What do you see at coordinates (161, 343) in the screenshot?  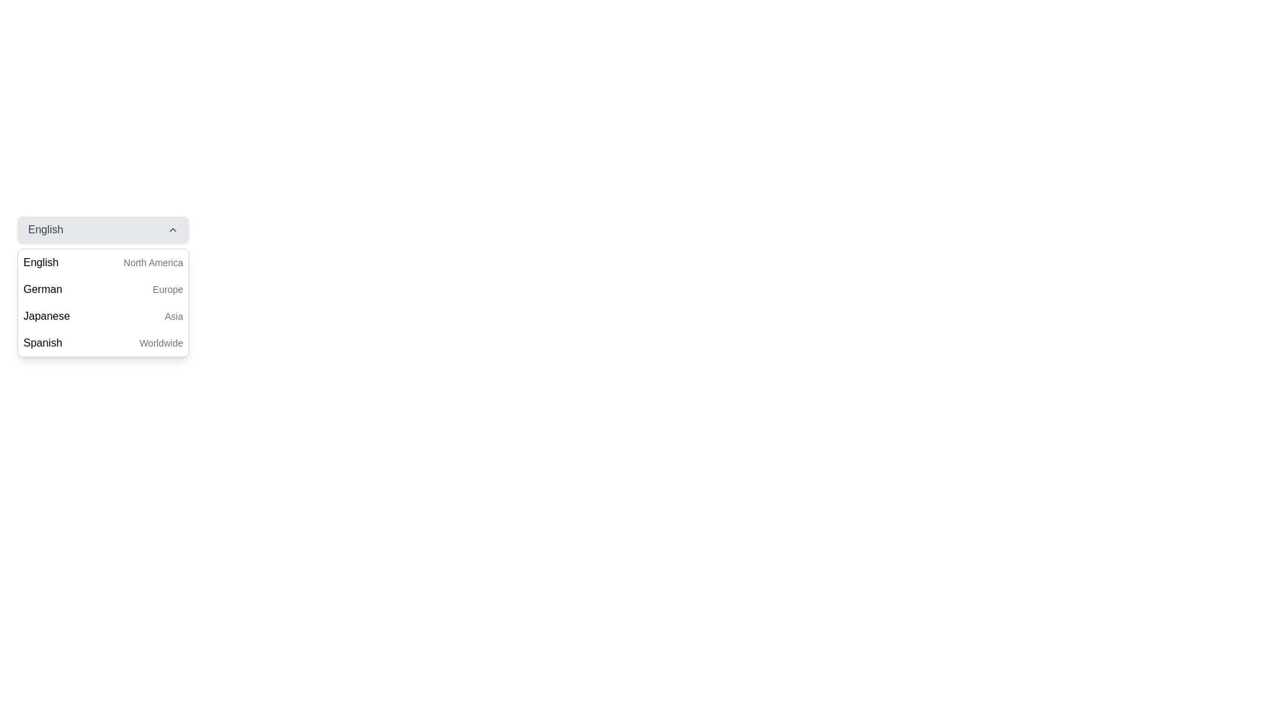 I see `the 'Worldwide' label text, which is styled in small gray font and positioned to the right of the bold 'Spanish' text within the dropdown menu` at bounding box center [161, 343].